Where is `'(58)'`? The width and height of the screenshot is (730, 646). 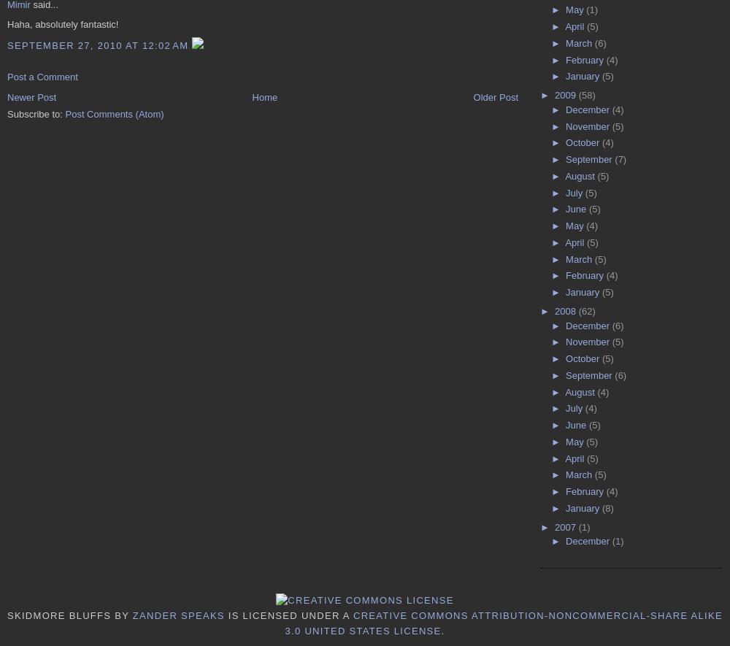 '(58)' is located at coordinates (578, 94).